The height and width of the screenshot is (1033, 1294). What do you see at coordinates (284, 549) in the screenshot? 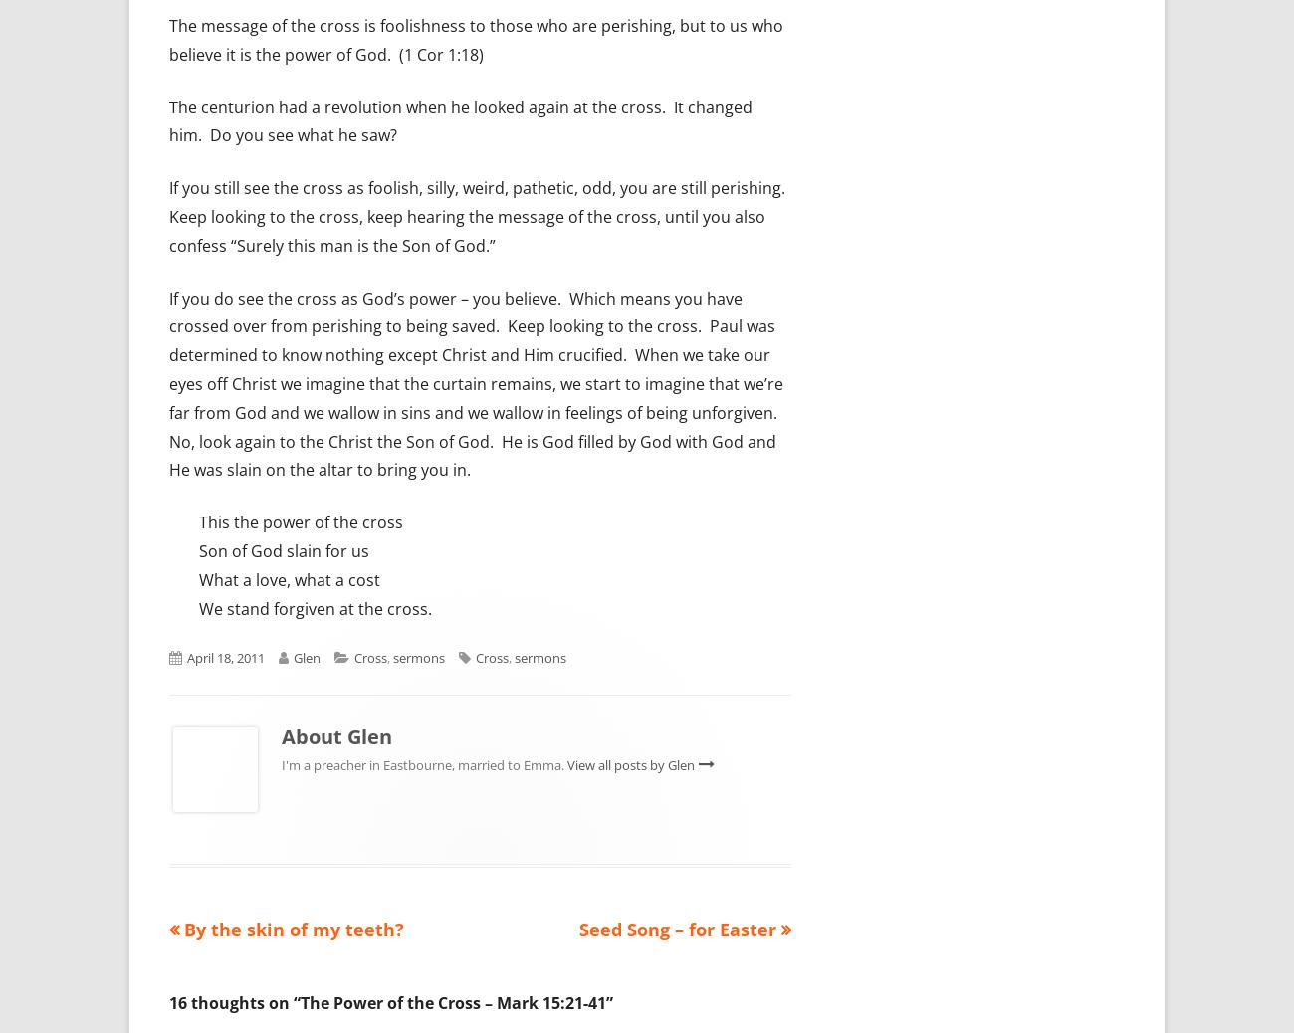
I see `'Son of God slain for us'` at bounding box center [284, 549].